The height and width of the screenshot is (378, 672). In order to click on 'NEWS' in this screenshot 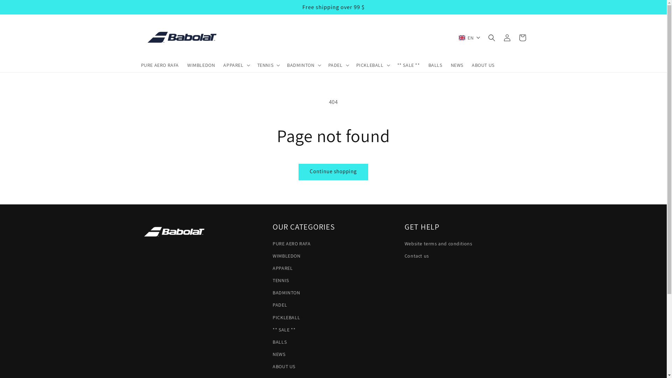, I will do `click(278, 354)`.